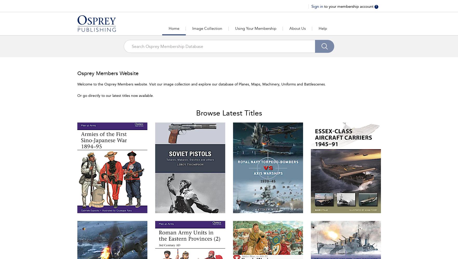  Describe the element at coordinates (322, 28) in the screenshot. I see `'Help'` at that location.